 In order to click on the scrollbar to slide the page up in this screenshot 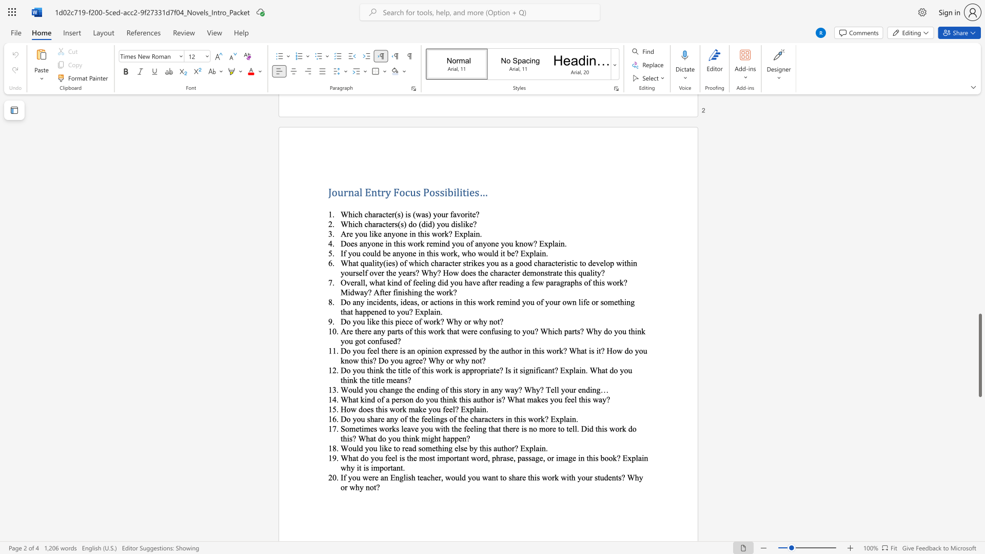, I will do `click(979, 173)`.